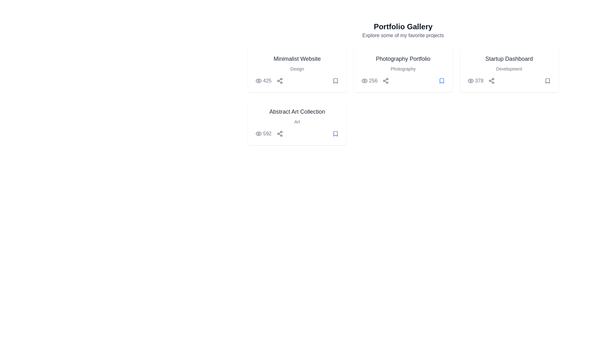 The width and height of the screenshot is (605, 340). Describe the element at coordinates (365, 81) in the screenshot. I see `the eye icon indicating visibility metrics to the left of the numeral '256' in the 'Photography Portfolio' card on the second row of the grid layout` at that location.